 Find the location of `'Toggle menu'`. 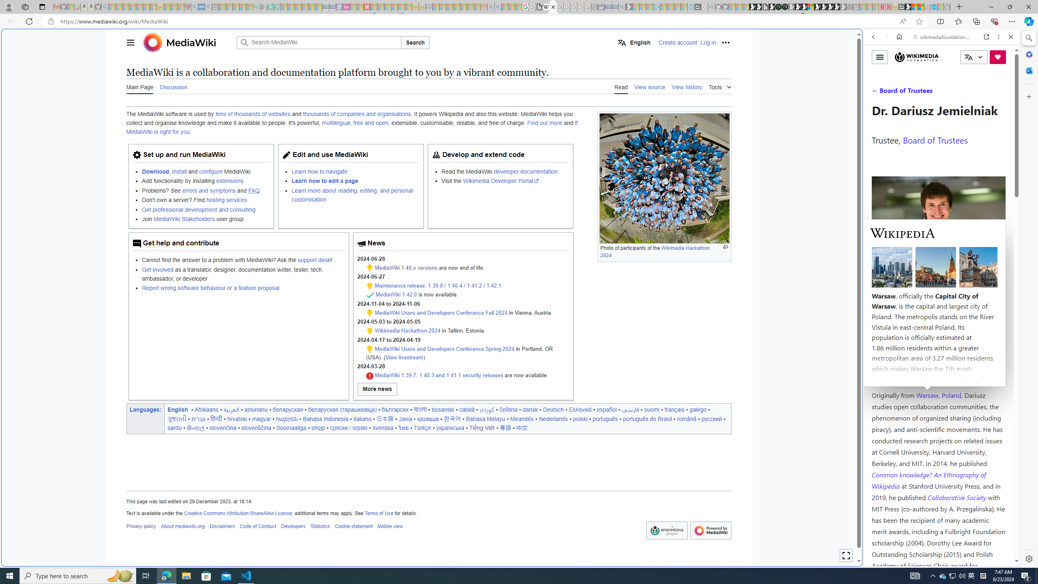

'Toggle menu' is located at coordinates (879, 57).